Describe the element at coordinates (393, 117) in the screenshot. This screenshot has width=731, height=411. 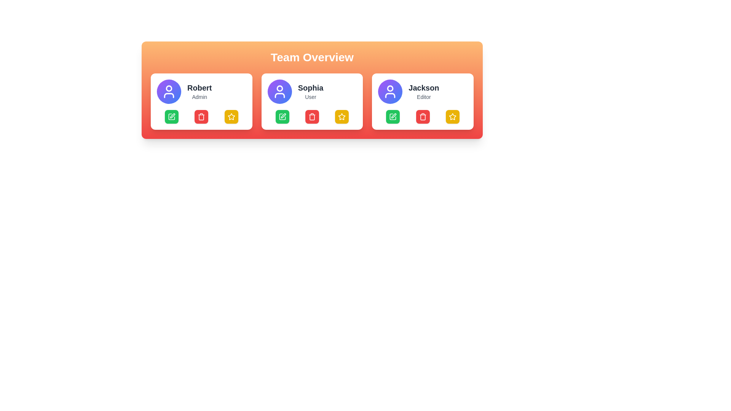
I see `the pencil icon button with a green square background located in the lower-left corner of the card labeled 'Jackson'` at that location.